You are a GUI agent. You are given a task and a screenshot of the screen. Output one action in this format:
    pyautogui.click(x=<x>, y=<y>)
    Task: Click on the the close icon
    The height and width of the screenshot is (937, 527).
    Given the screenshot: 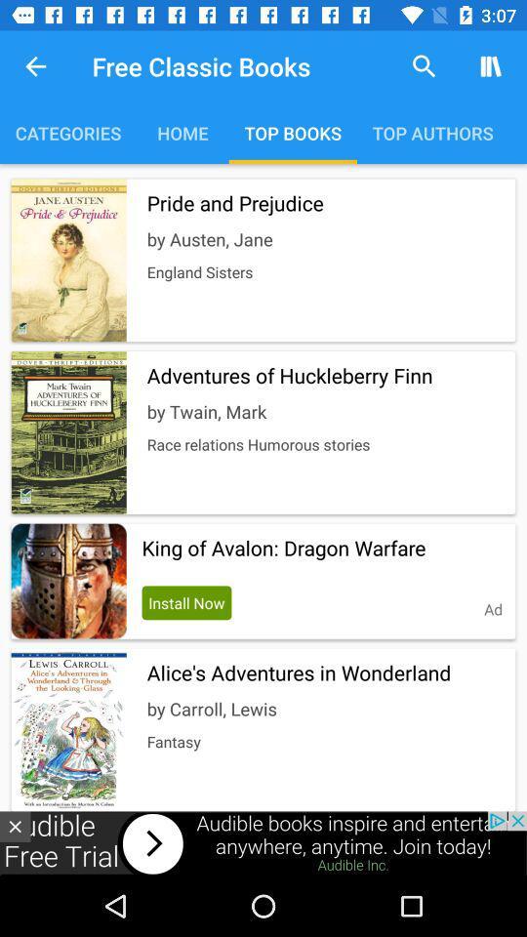 What is the action you would take?
    pyautogui.click(x=14, y=826)
    